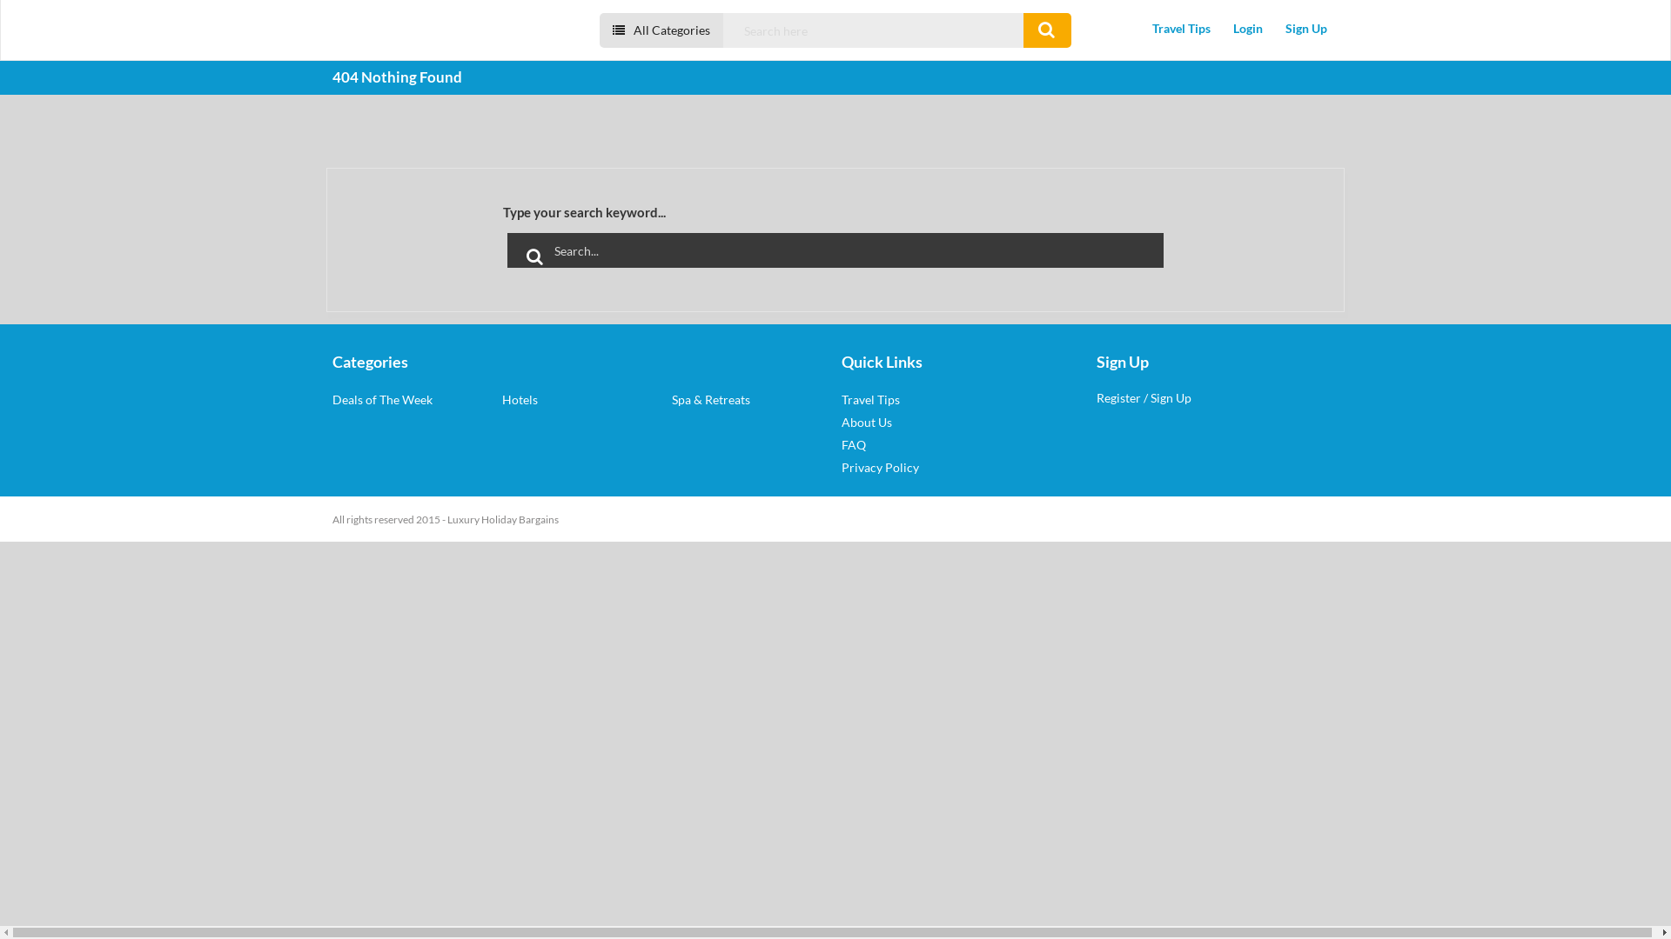 The height and width of the screenshot is (939, 1671). What do you see at coordinates (880, 466) in the screenshot?
I see `'Privacy Policy'` at bounding box center [880, 466].